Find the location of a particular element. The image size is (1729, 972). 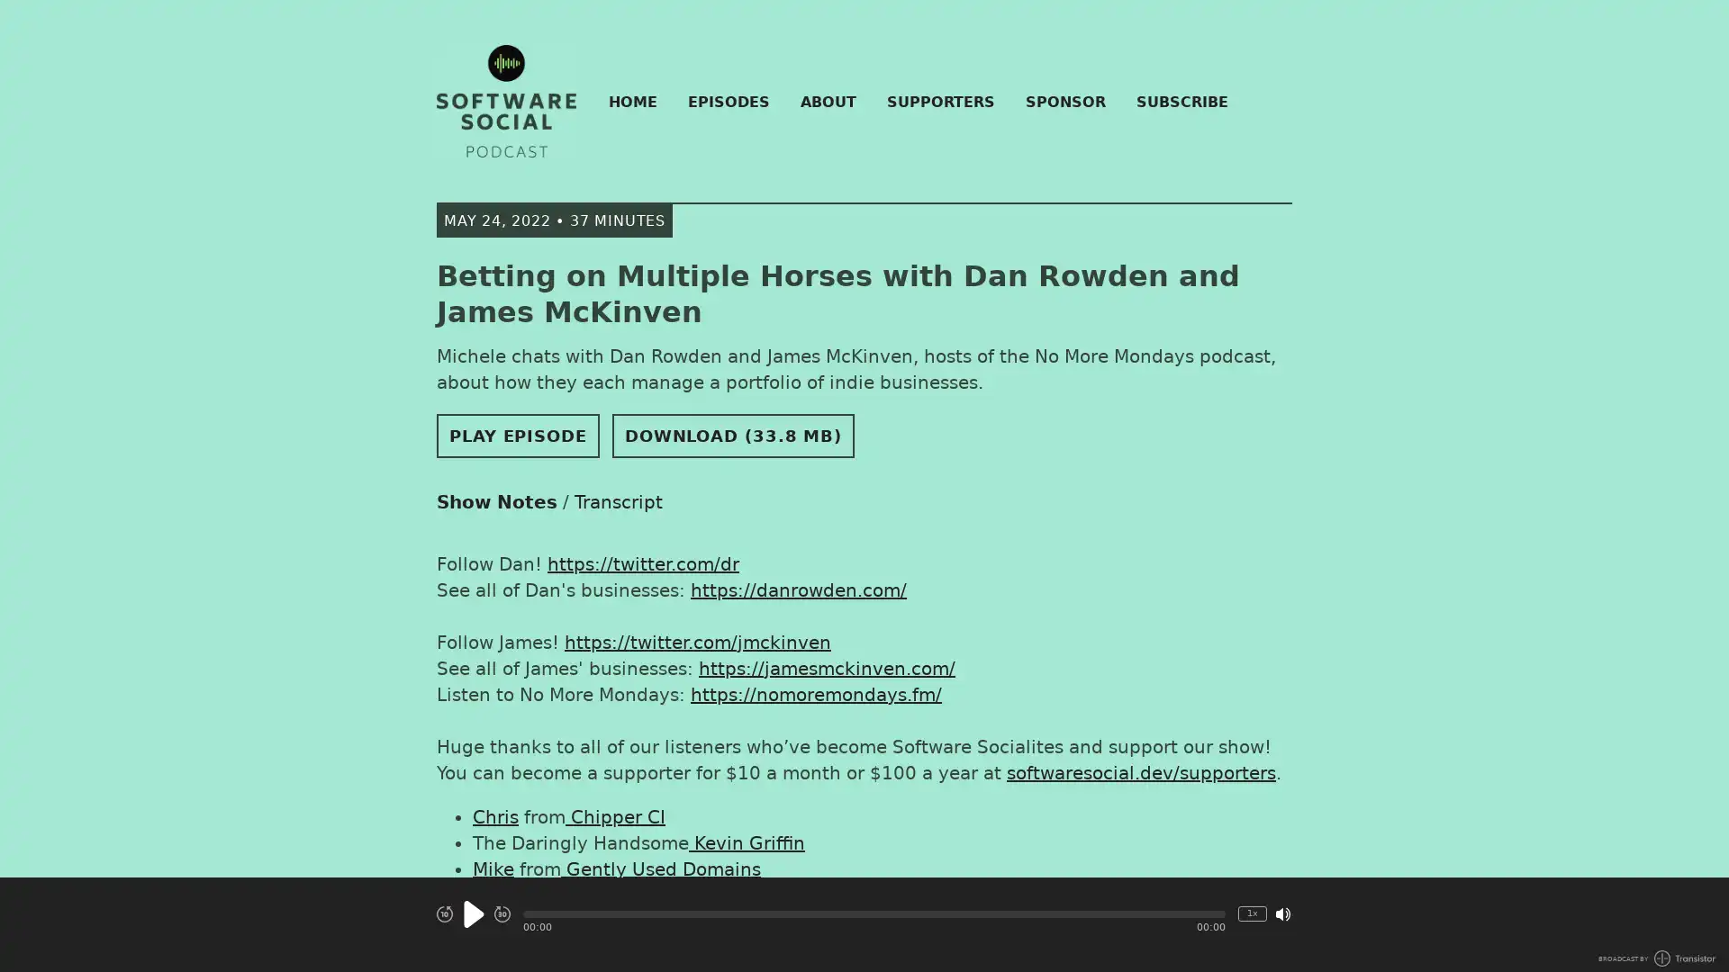

Fast Forward 30 seconds is located at coordinates (502, 913).